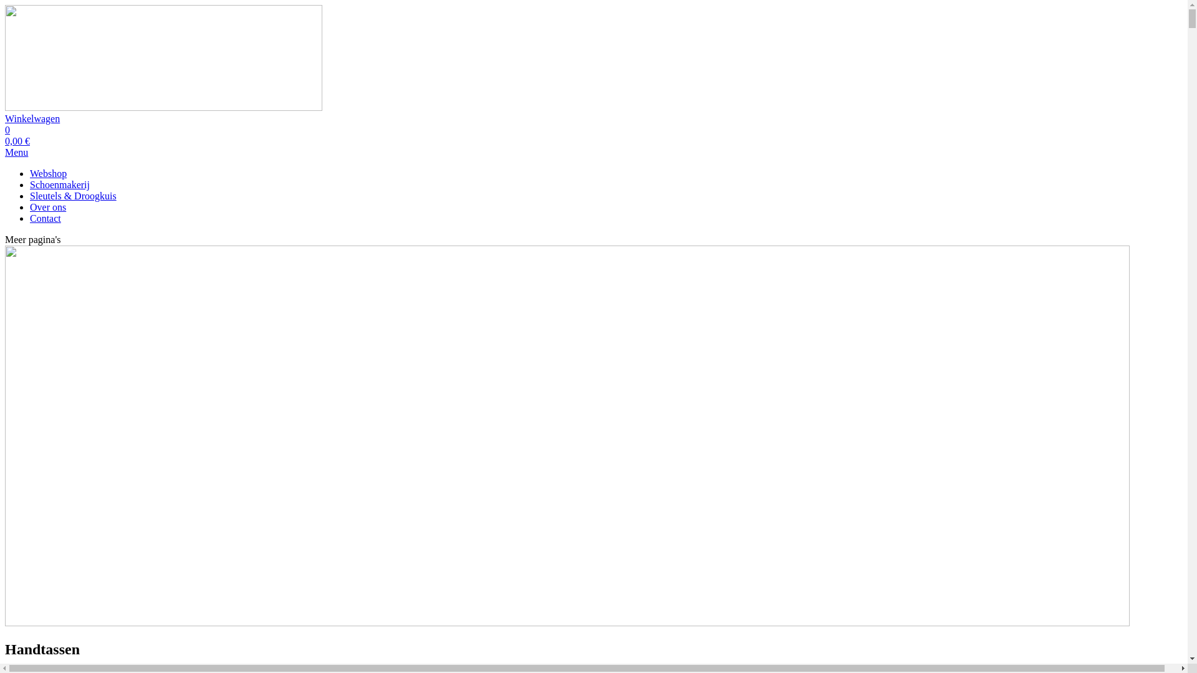 The image size is (1197, 673). Describe the element at coordinates (30, 206) in the screenshot. I see `'Over ons'` at that location.